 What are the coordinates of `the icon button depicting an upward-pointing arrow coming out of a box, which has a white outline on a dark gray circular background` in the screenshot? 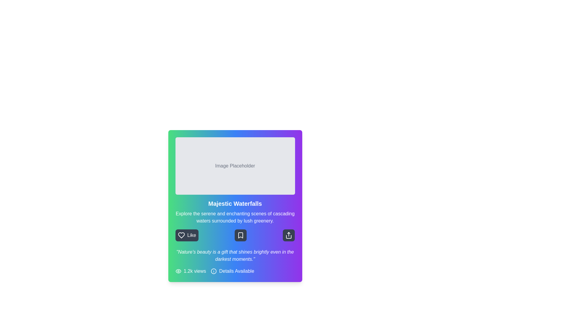 It's located at (289, 235).